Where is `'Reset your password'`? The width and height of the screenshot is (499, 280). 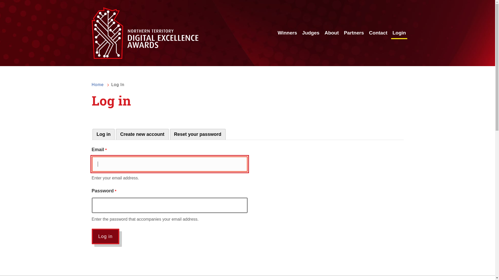
'Reset your password' is located at coordinates (198, 134).